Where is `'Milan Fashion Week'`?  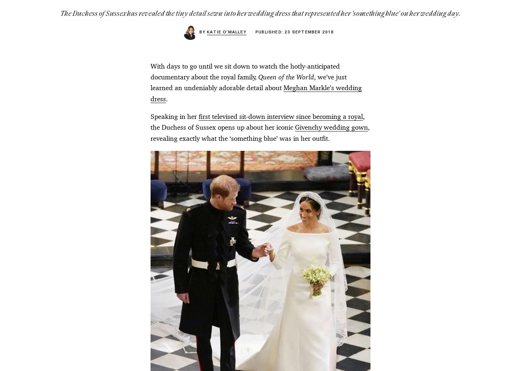 'Milan Fashion Week' is located at coordinates (286, 177).